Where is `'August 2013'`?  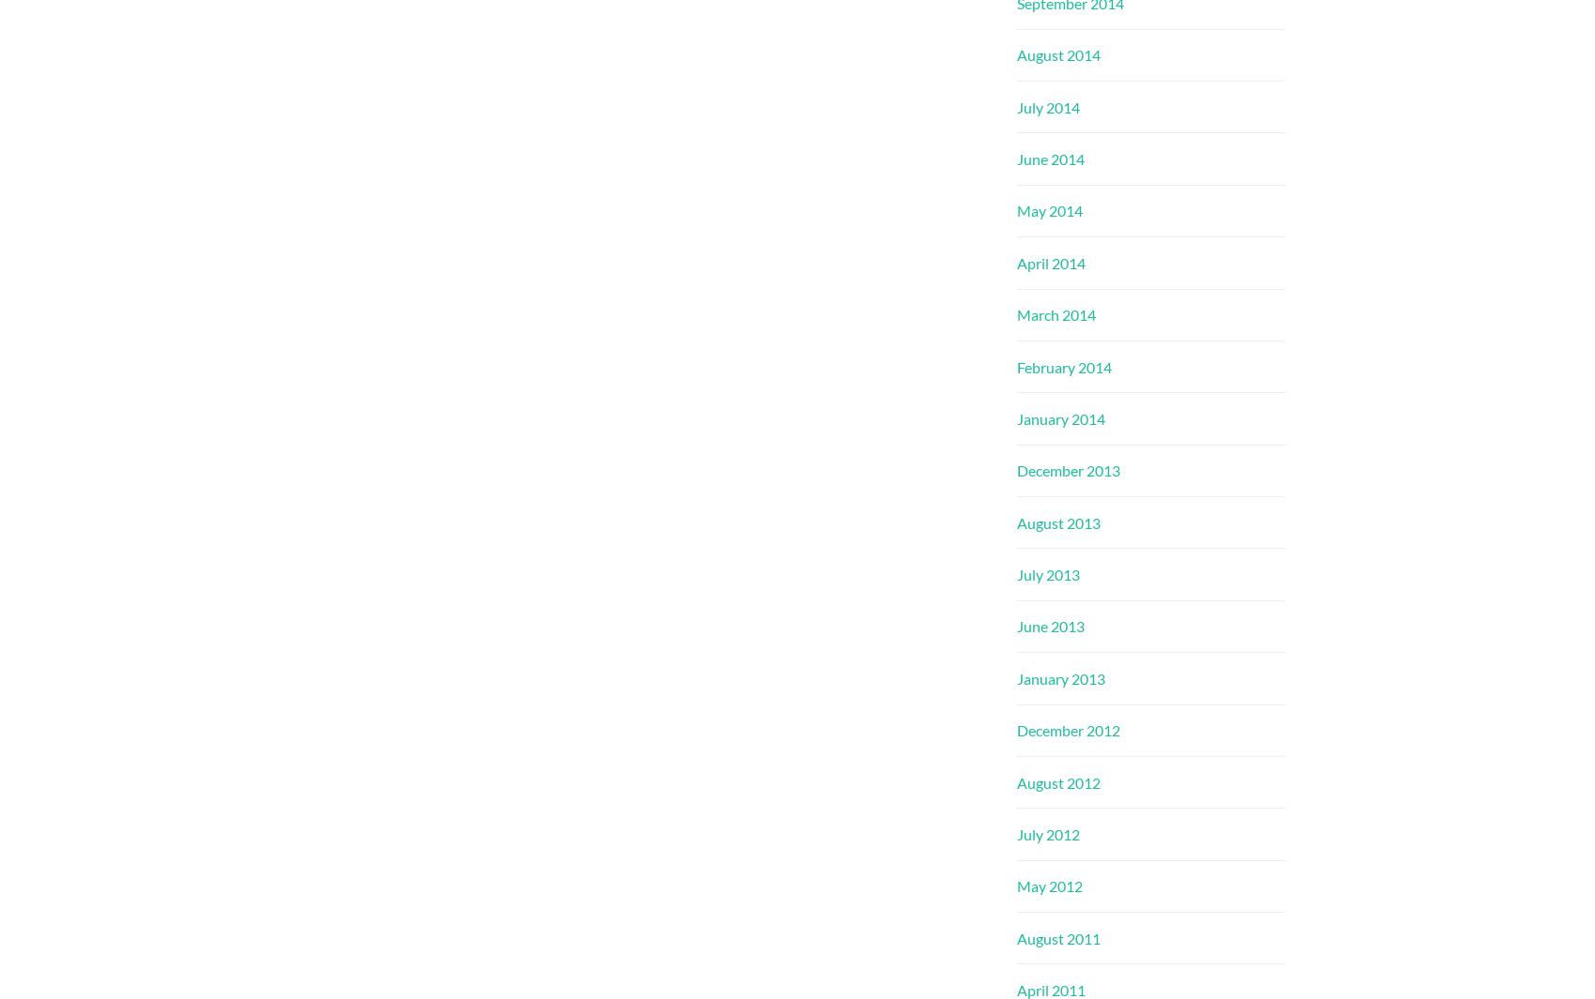
'August 2013' is located at coordinates (1058, 522).